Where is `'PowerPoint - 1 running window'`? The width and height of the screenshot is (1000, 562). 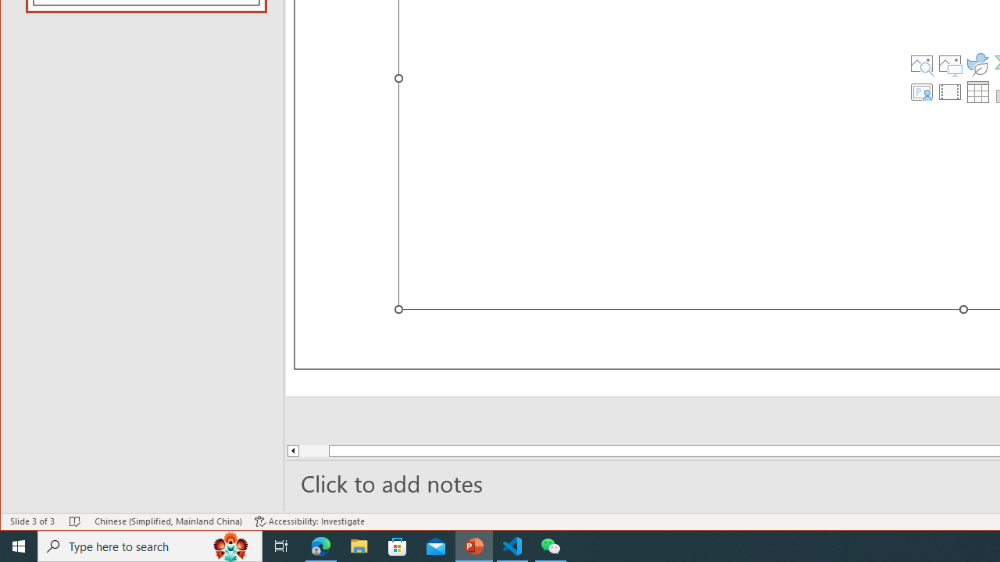 'PowerPoint - 1 running window' is located at coordinates (473, 545).